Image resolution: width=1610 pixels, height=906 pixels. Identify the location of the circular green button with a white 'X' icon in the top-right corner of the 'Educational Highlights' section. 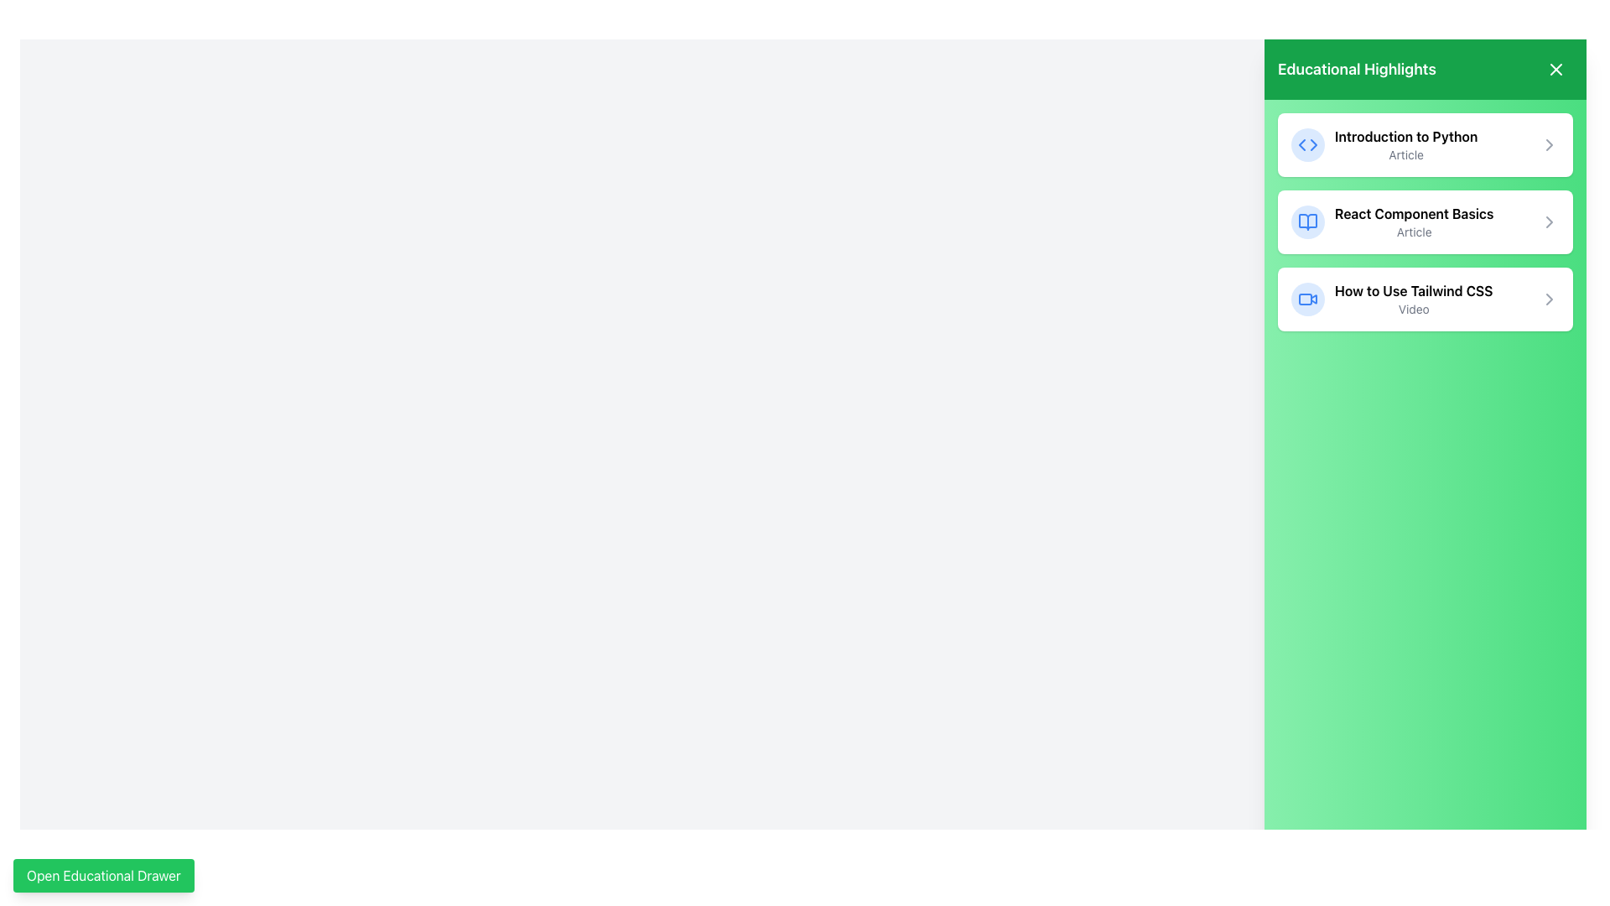
(1555, 69).